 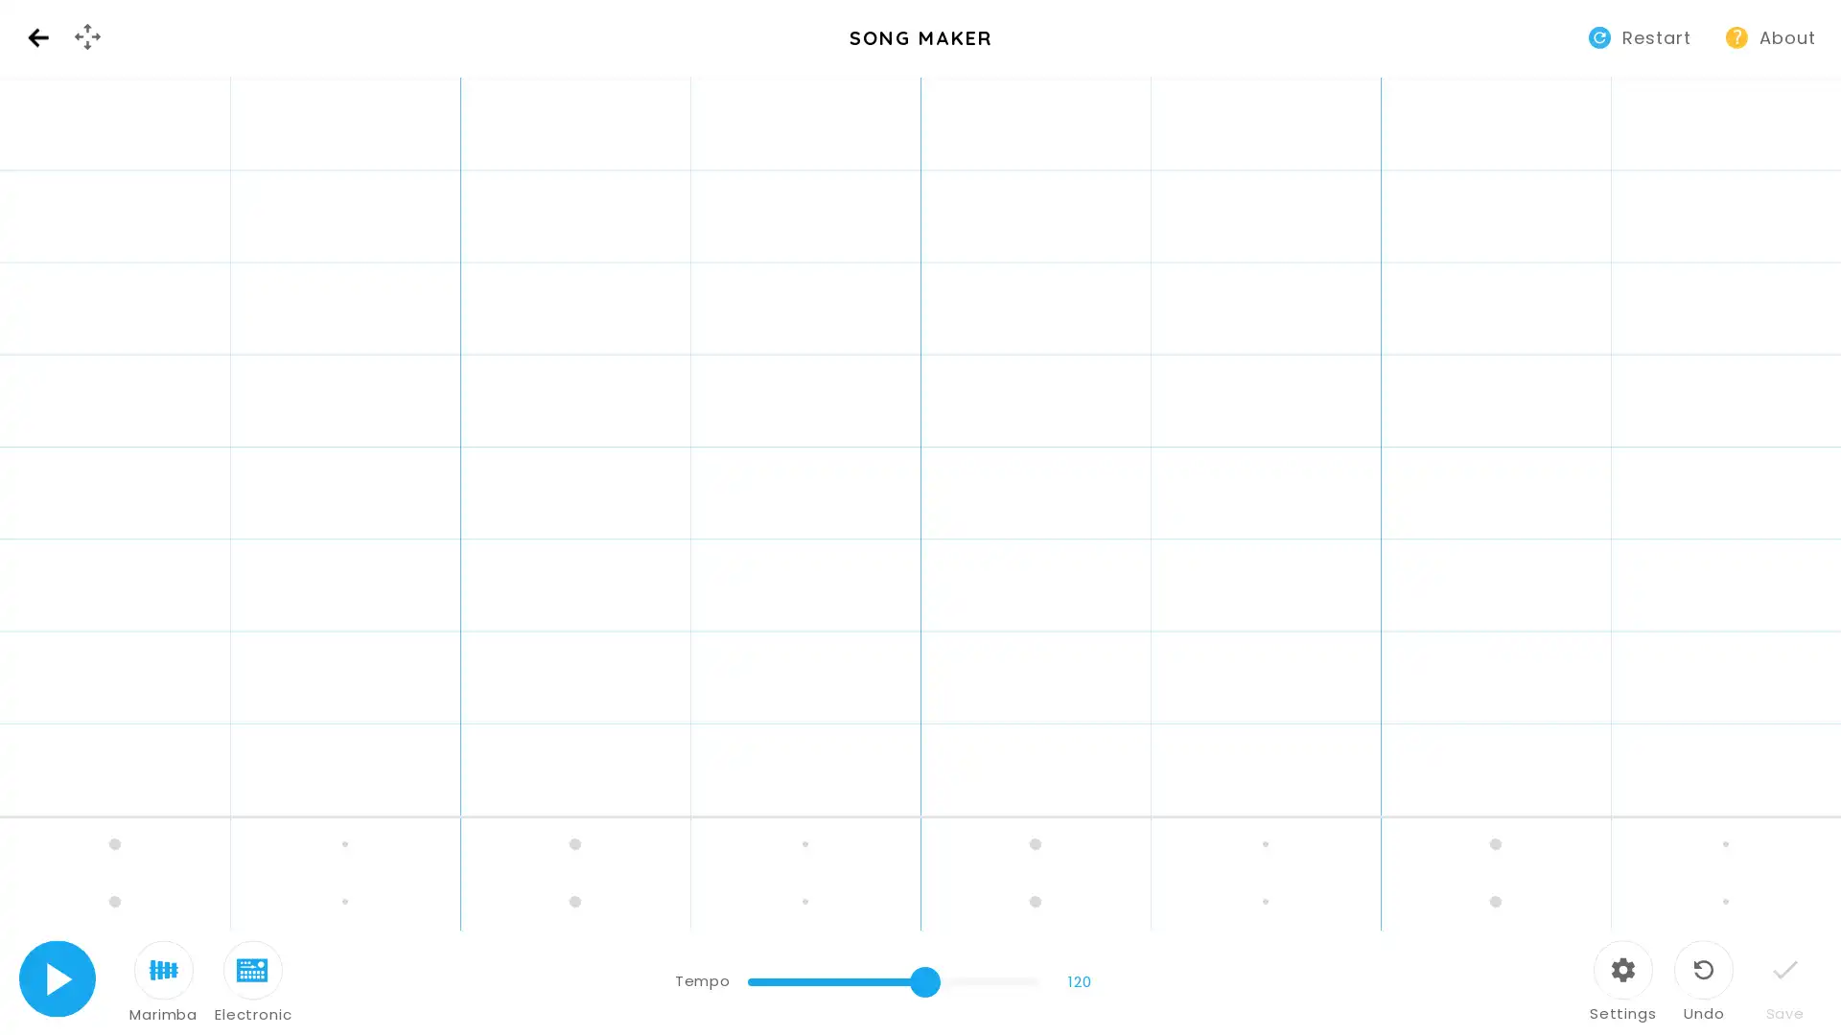 What do you see at coordinates (37, 37) in the screenshot?
I see `Back to Music Lab website` at bounding box center [37, 37].